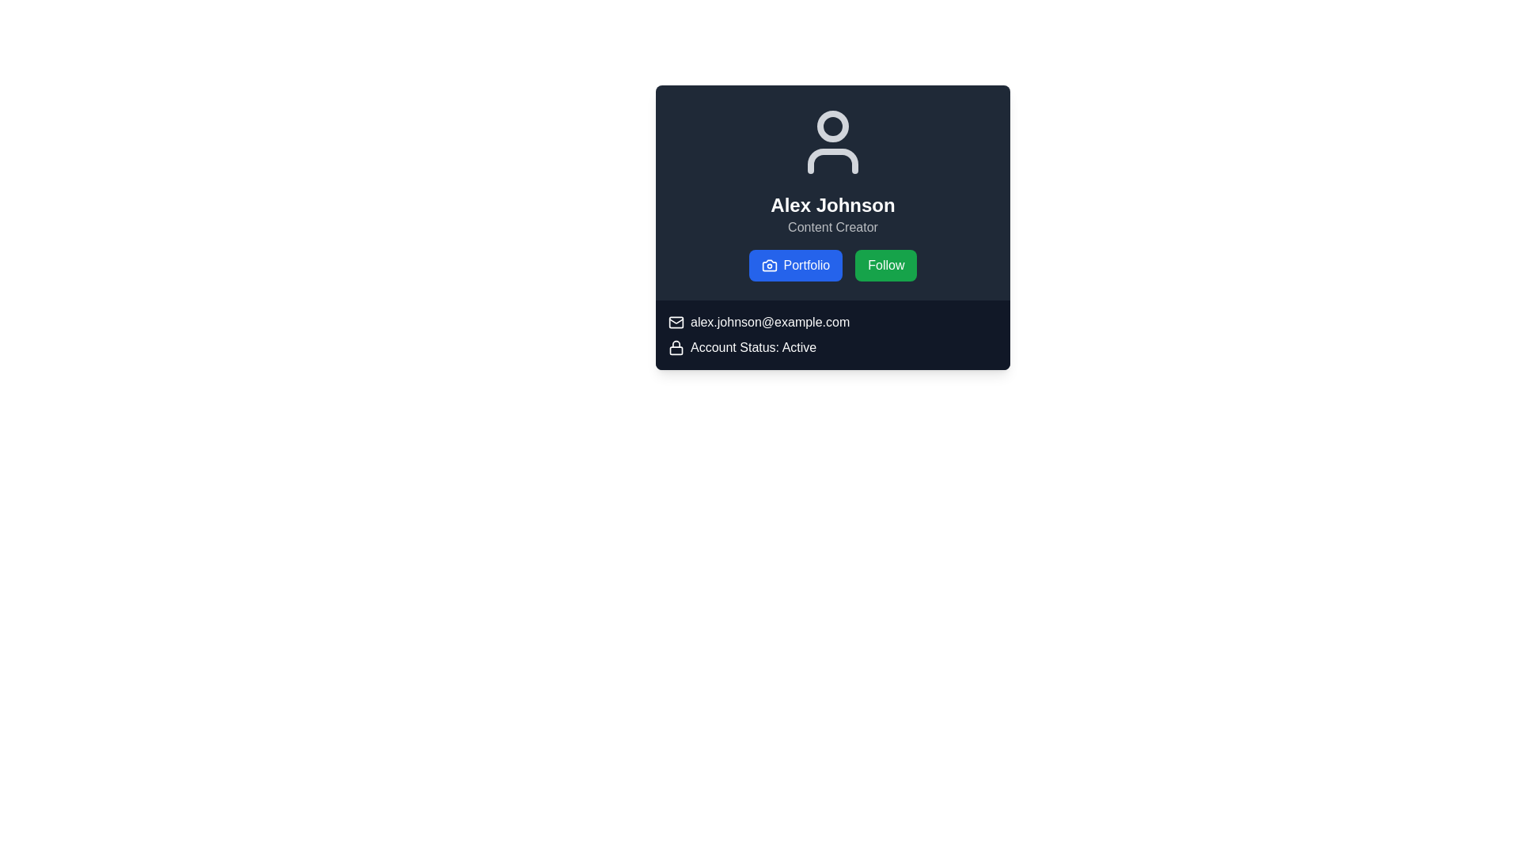 The height and width of the screenshot is (854, 1519). What do you see at coordinates (886, 264) in the screenshot?
I see `the green 'Follow' button with rounded corners` at bounding box center [886, 264].